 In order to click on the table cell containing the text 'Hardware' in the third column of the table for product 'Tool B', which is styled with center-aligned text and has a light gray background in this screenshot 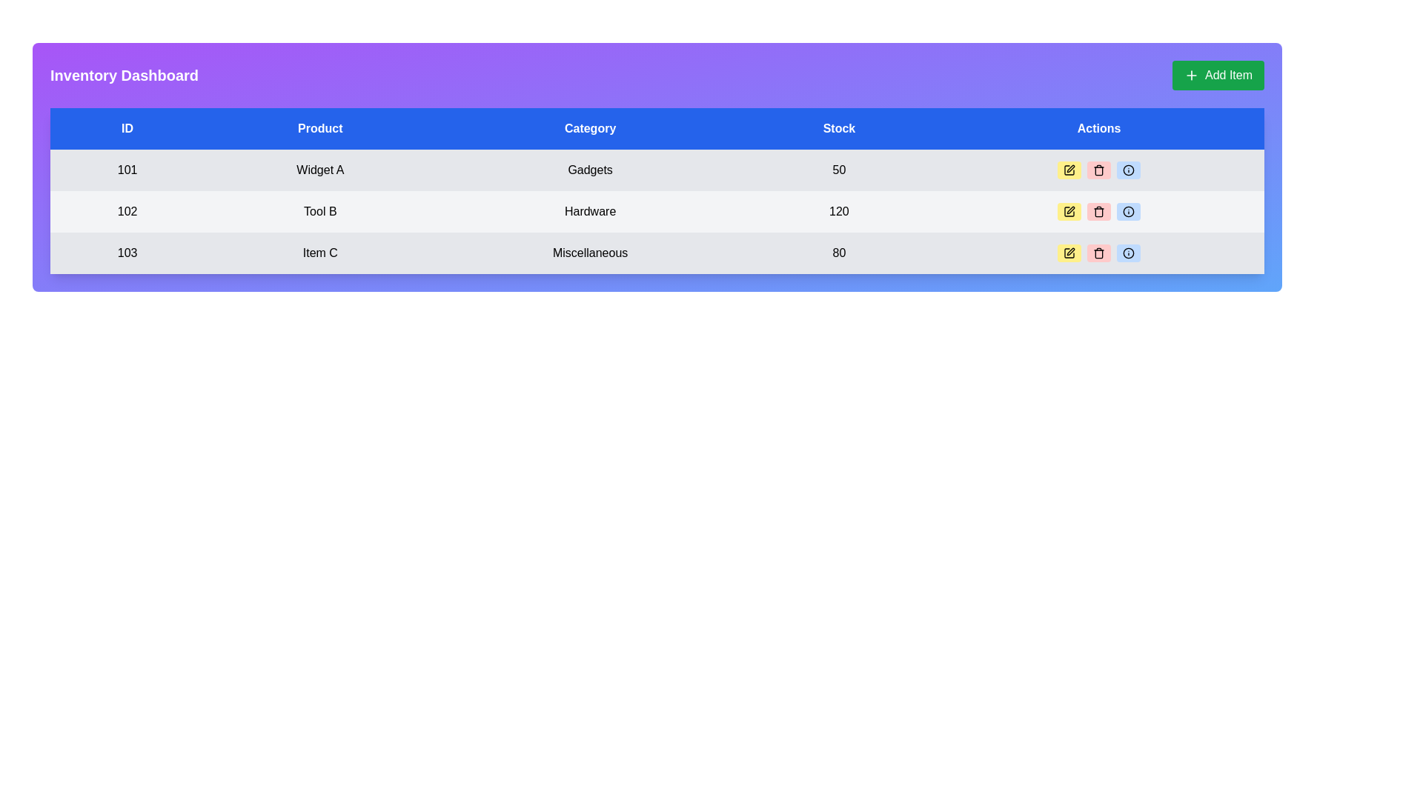, I will do `click(589, 211)`.